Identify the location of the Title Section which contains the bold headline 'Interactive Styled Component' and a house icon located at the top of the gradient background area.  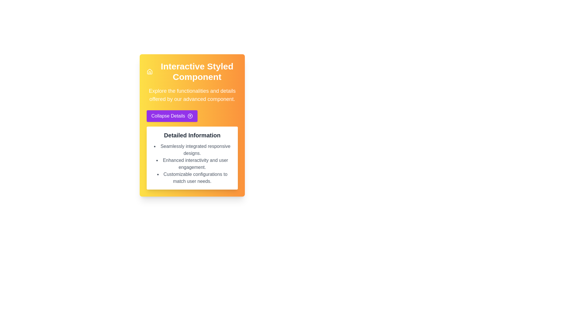
(192, 71).